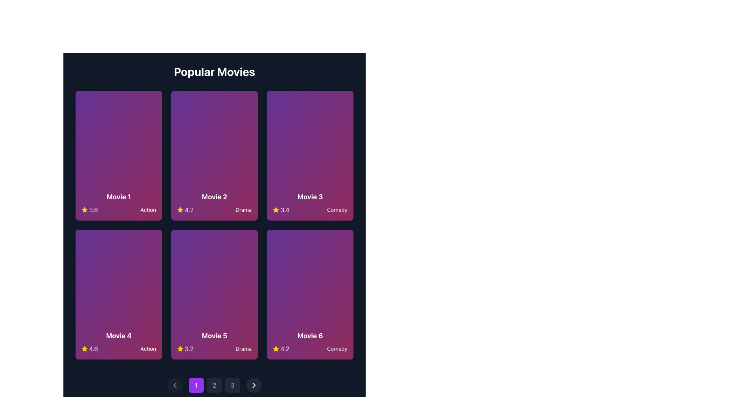 Image resolution: width=729 pixels, height=410 pixels. I want to click on the movie card located in the bottom-right corner of the grid, so click(310, 294).